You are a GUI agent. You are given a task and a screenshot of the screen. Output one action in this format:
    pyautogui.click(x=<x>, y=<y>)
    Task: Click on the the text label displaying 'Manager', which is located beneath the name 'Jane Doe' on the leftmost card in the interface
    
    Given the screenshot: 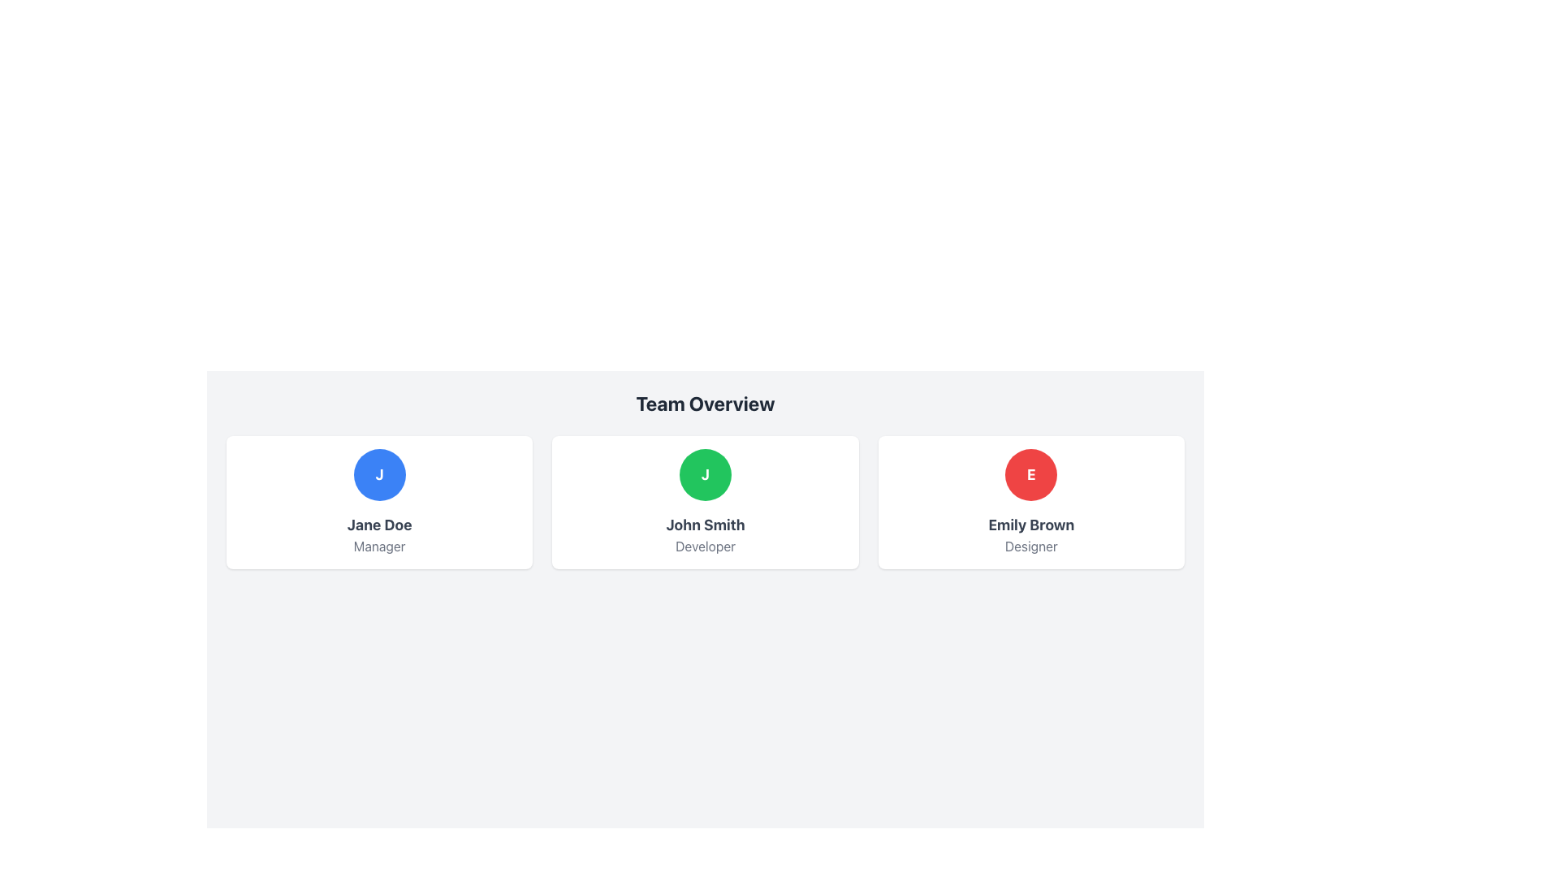 What is the action you would take?
    pyautogui.click(x=378, y=546)
    